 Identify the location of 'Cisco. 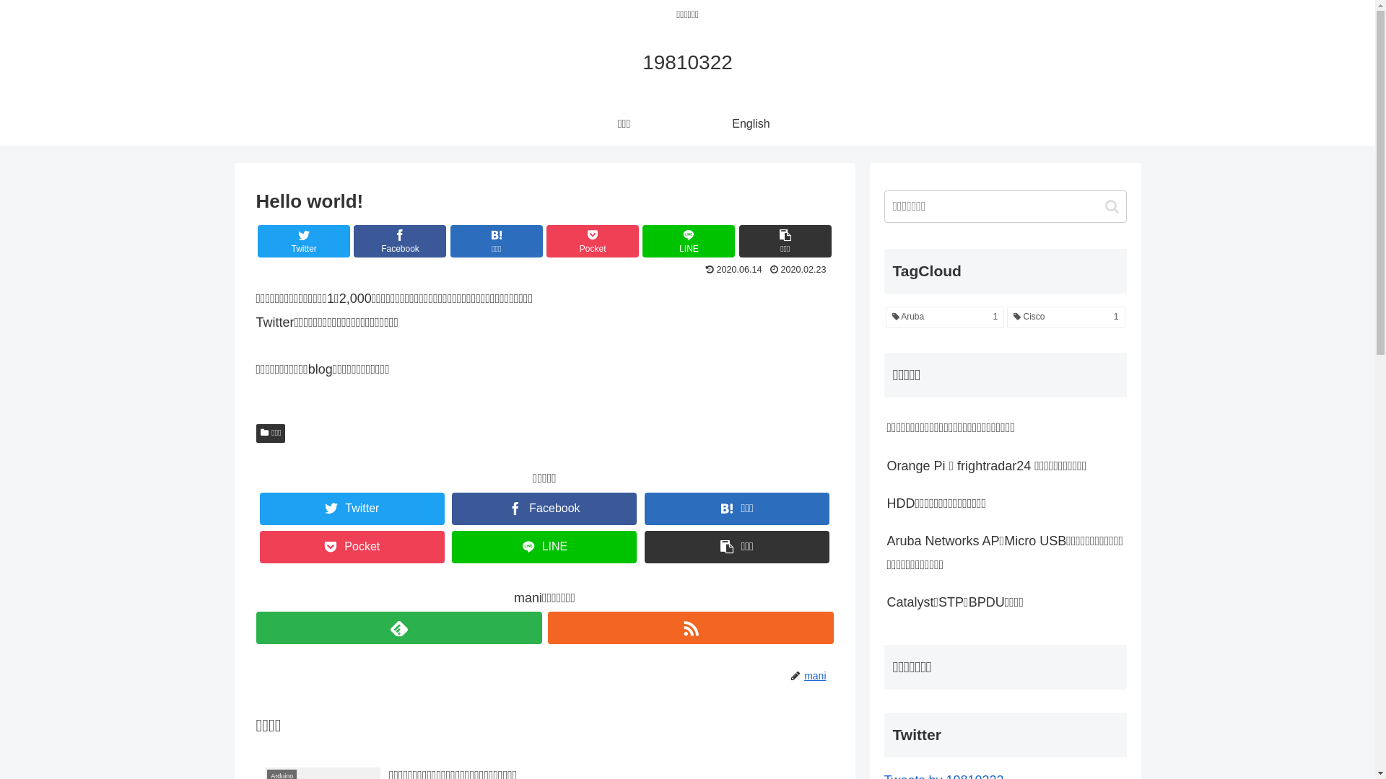
(1065, 316).